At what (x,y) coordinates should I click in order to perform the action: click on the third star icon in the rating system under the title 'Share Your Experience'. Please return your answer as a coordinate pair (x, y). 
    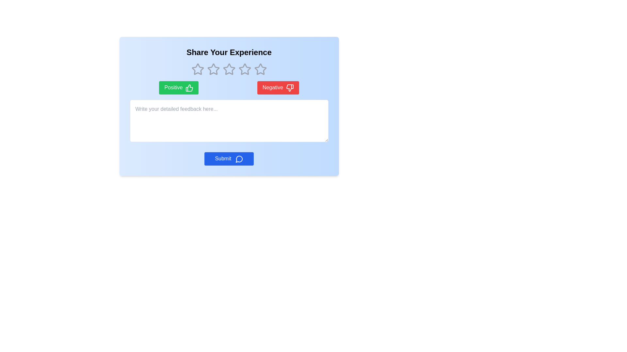
    Looking at the image, I should click on (213, 69).